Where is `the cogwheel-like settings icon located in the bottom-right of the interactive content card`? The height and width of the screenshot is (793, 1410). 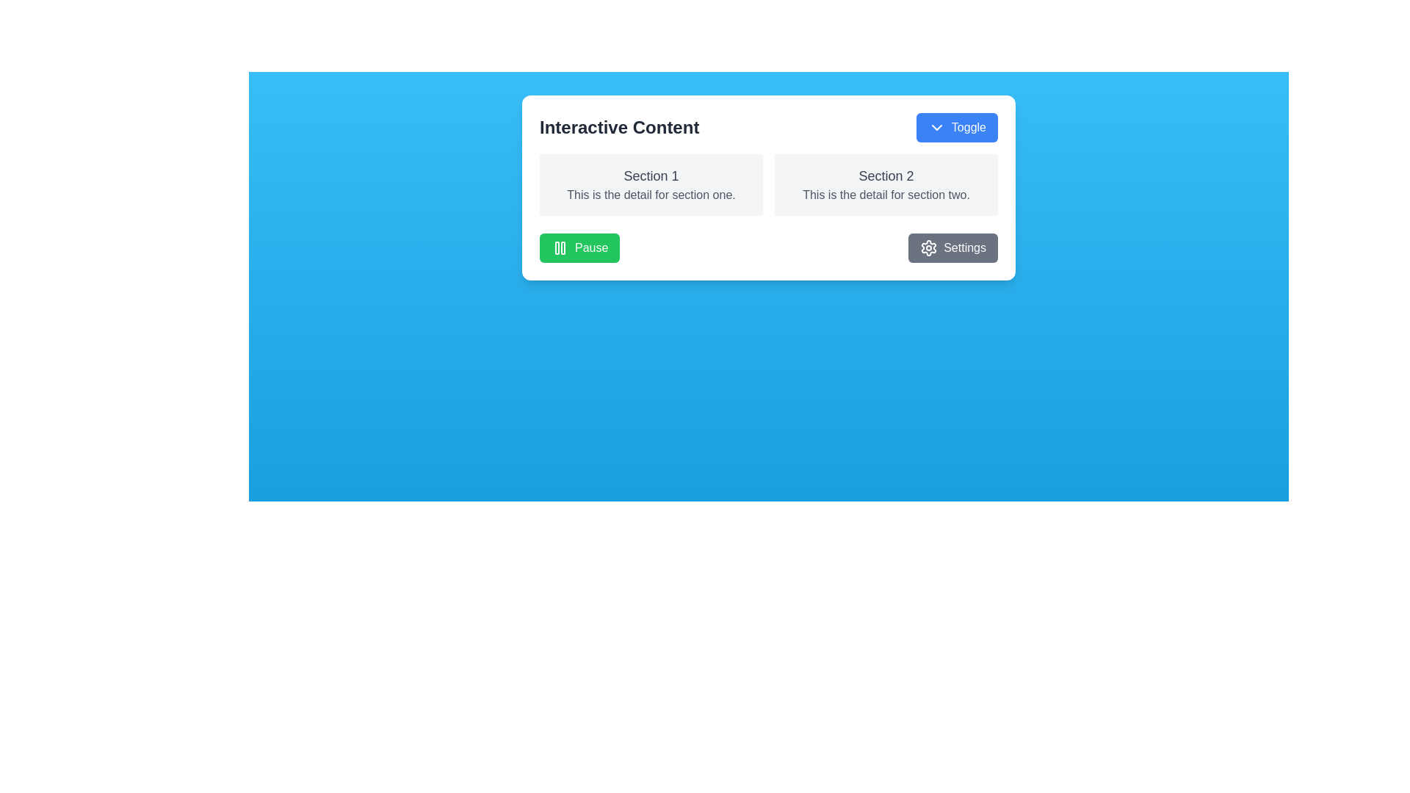 the cogwheel-like settings icon located in the bottom-right of the interactive content card is located at coordinates (928, 247).